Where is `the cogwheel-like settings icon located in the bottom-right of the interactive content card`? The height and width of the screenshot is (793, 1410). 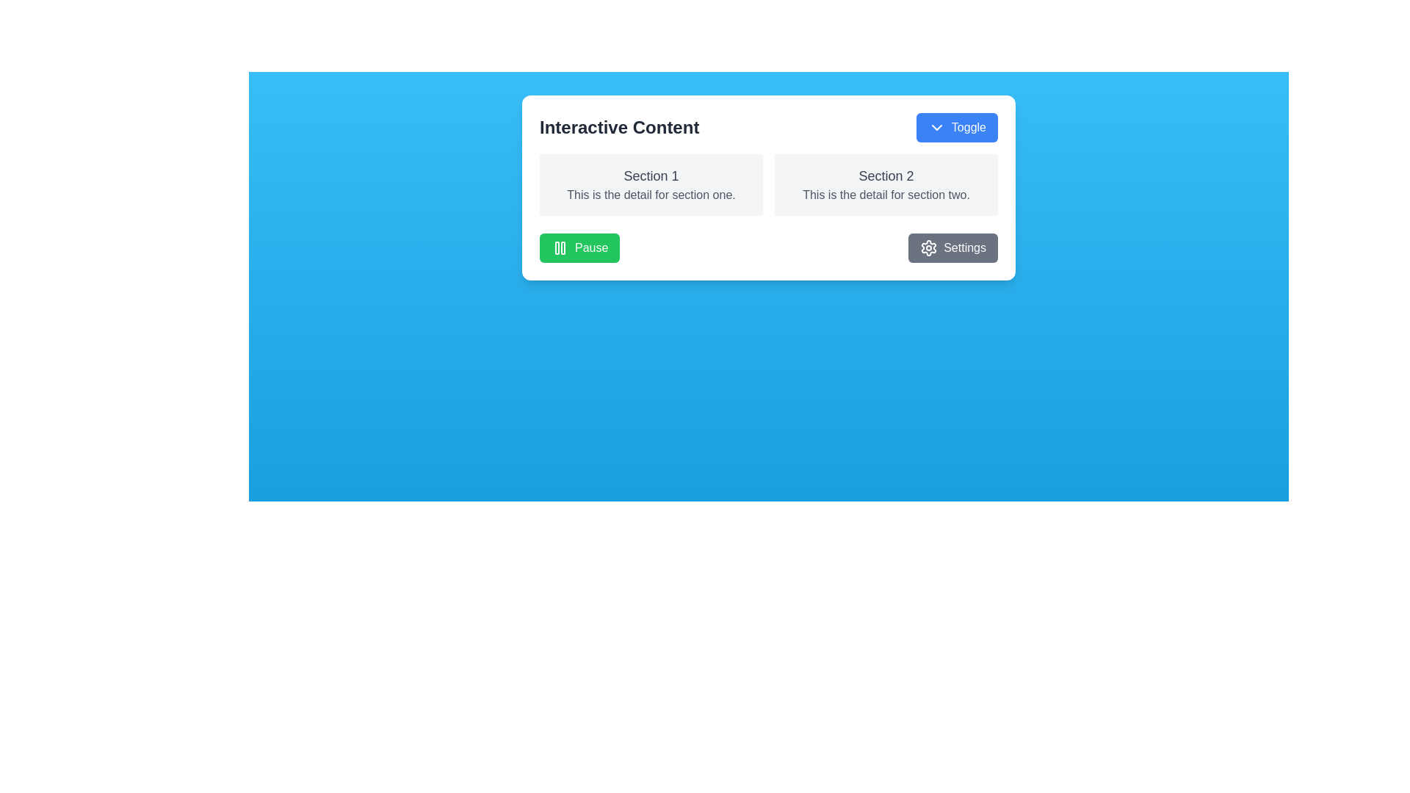 the cogwheel-like settings icon located in the bottom-right of the interactive content card is located at coordinates (928, 247).